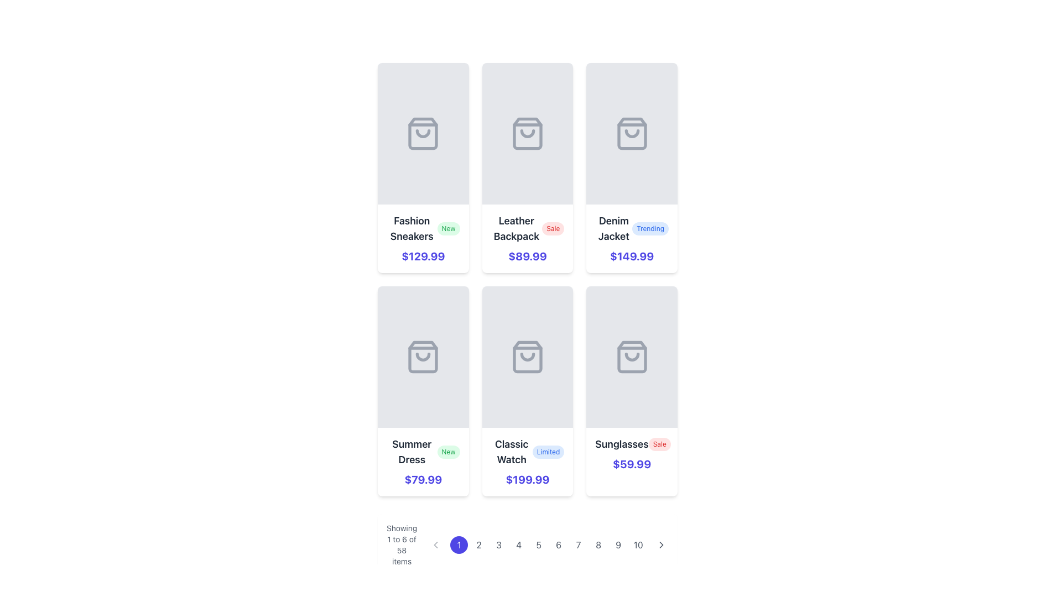 The width and height of the screenshot is (1062, 597). What do you see at coordinates (598, 544) in the screenshot?
I see `the pagination button that navigates to the 8th page of content, located between the buttons for pages 7 and 9` at bounding box center [598, 544].